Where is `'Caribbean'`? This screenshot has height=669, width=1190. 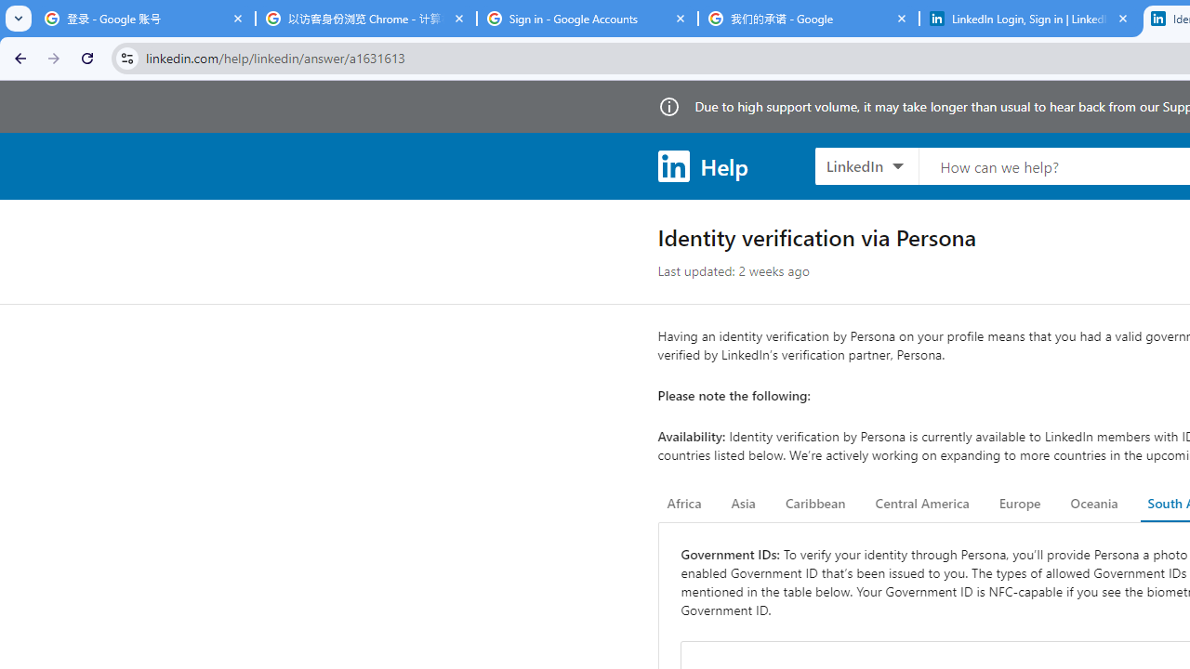 'Caribbean' is located at coordinates (814, 504).